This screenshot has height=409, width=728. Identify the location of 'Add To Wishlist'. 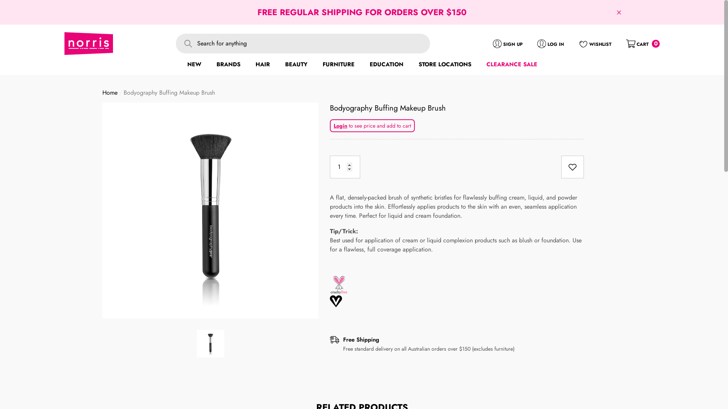
(573, 166).